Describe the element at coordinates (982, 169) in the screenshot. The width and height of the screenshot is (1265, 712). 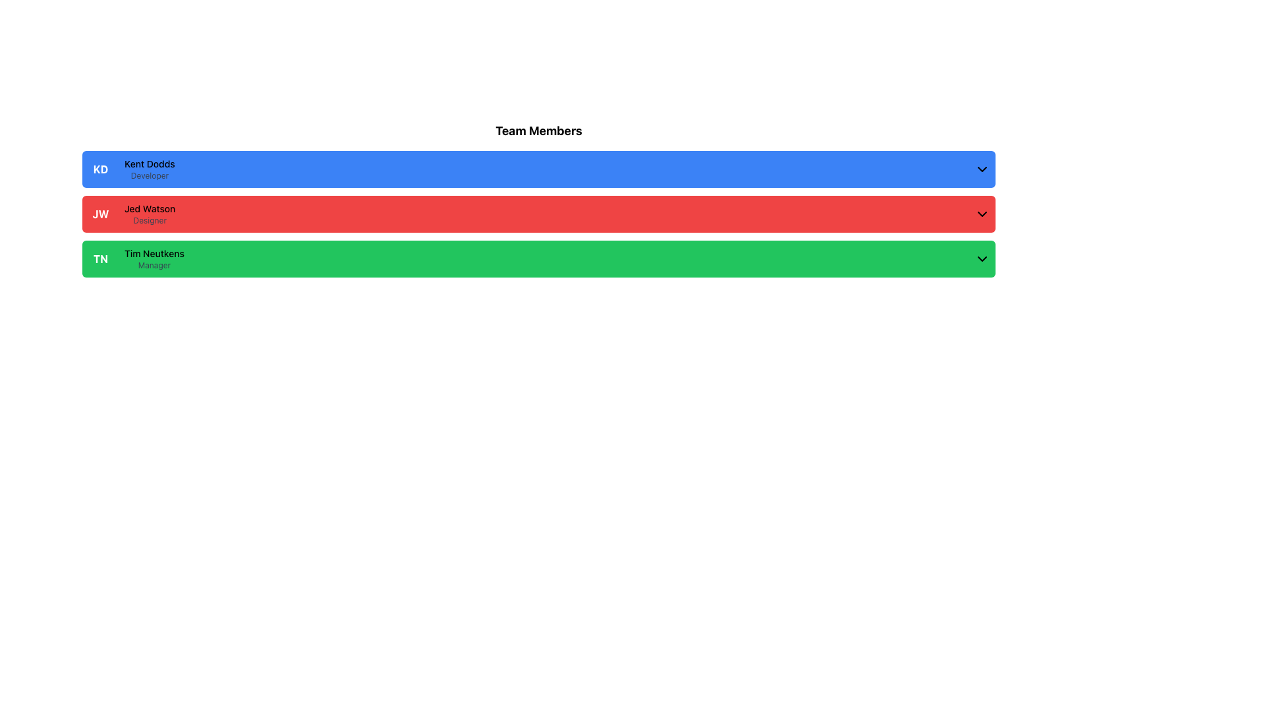
I see `the downward-pointing arrow icon located at the far right end of the blue-colored bar labeled 'Kent Dodds Developer'` at that location.